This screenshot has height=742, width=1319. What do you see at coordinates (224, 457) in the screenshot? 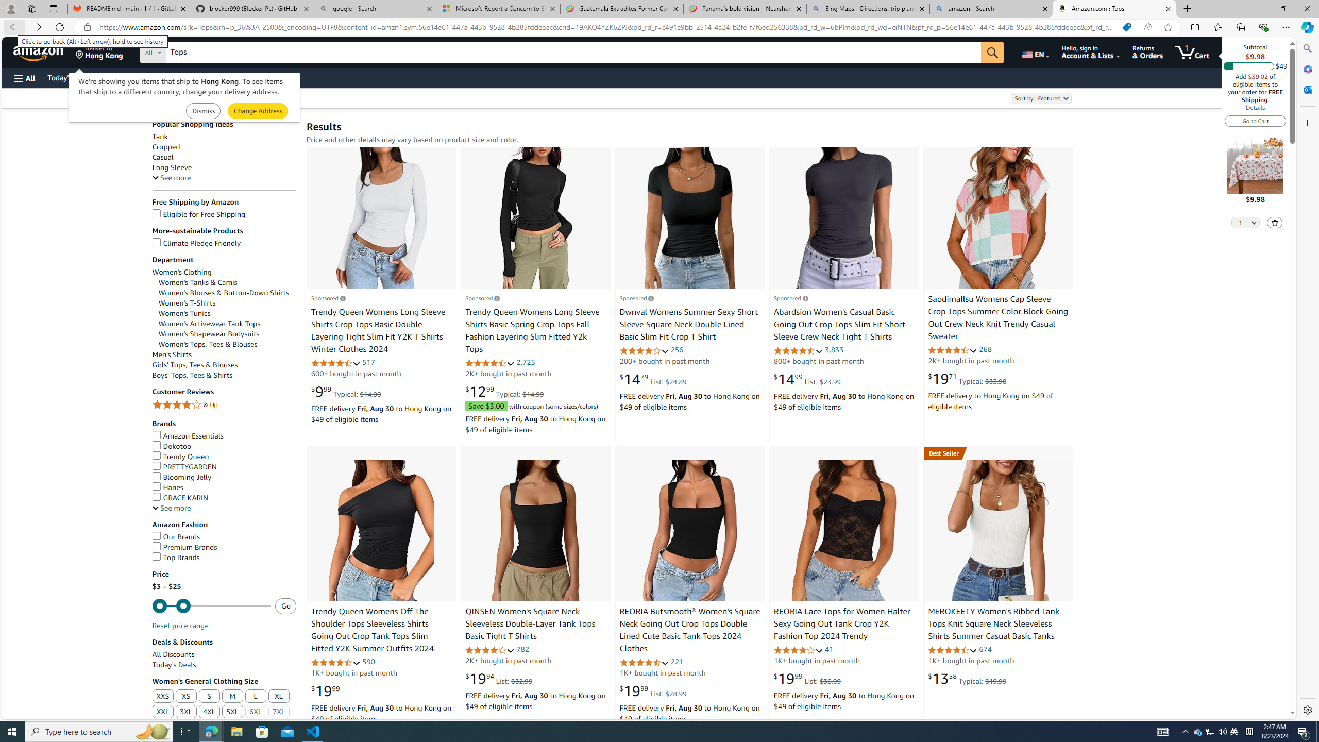
I see `'Trendy Queen'` at bounding box center [224, 457].